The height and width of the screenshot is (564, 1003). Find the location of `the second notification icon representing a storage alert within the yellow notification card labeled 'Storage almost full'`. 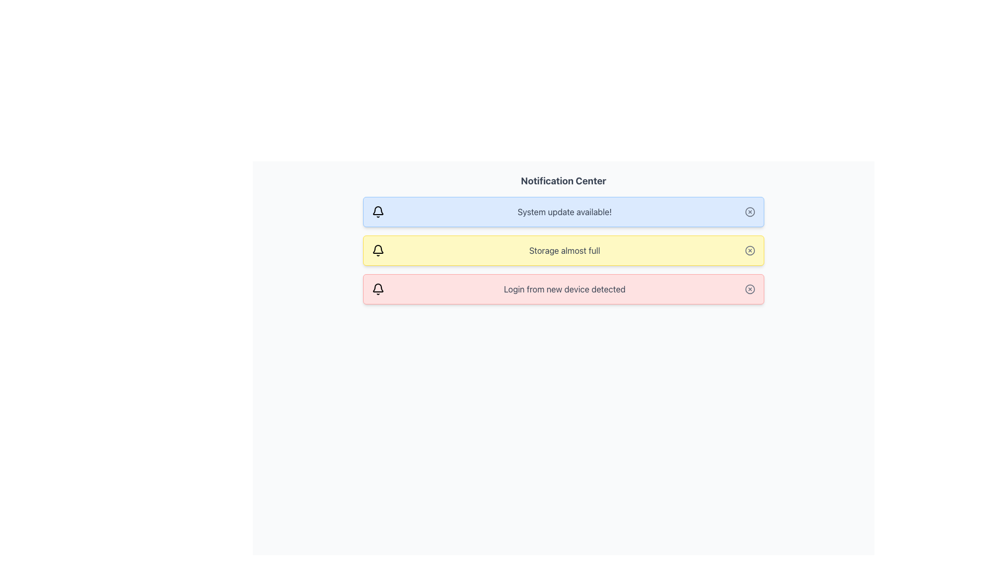

the second notification icon representing a storage alert within the yellow notification card labeled 'Storage almost full' is located at coordinates (378, 249).